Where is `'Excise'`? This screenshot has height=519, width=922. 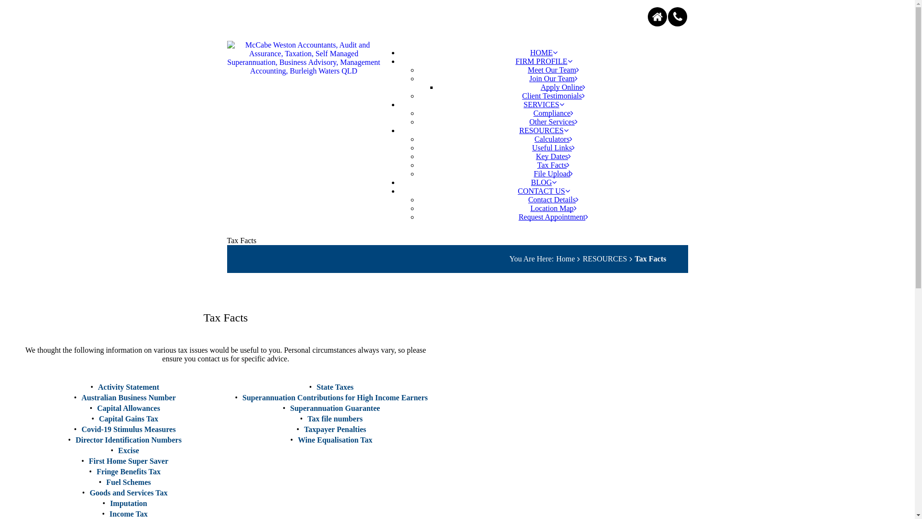
'Excise' is located at coordinates (128, 450).